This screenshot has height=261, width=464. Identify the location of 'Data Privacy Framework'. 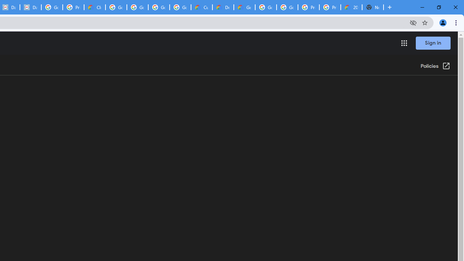
(30, 7).